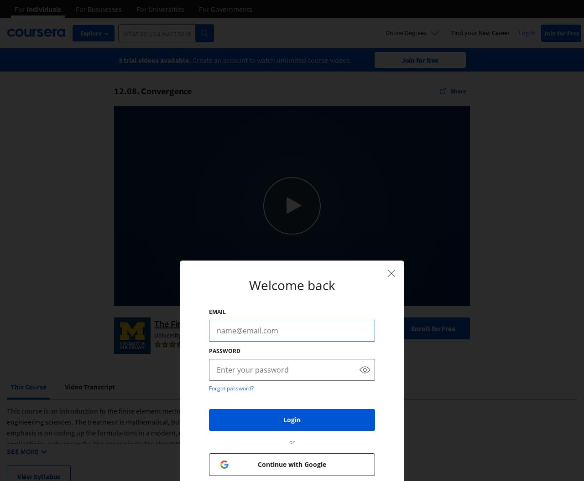  What do you see at coordinates (432, 327) in the screenshot?
I see `'Enroll for Free'` at bounding box center [432, 327].